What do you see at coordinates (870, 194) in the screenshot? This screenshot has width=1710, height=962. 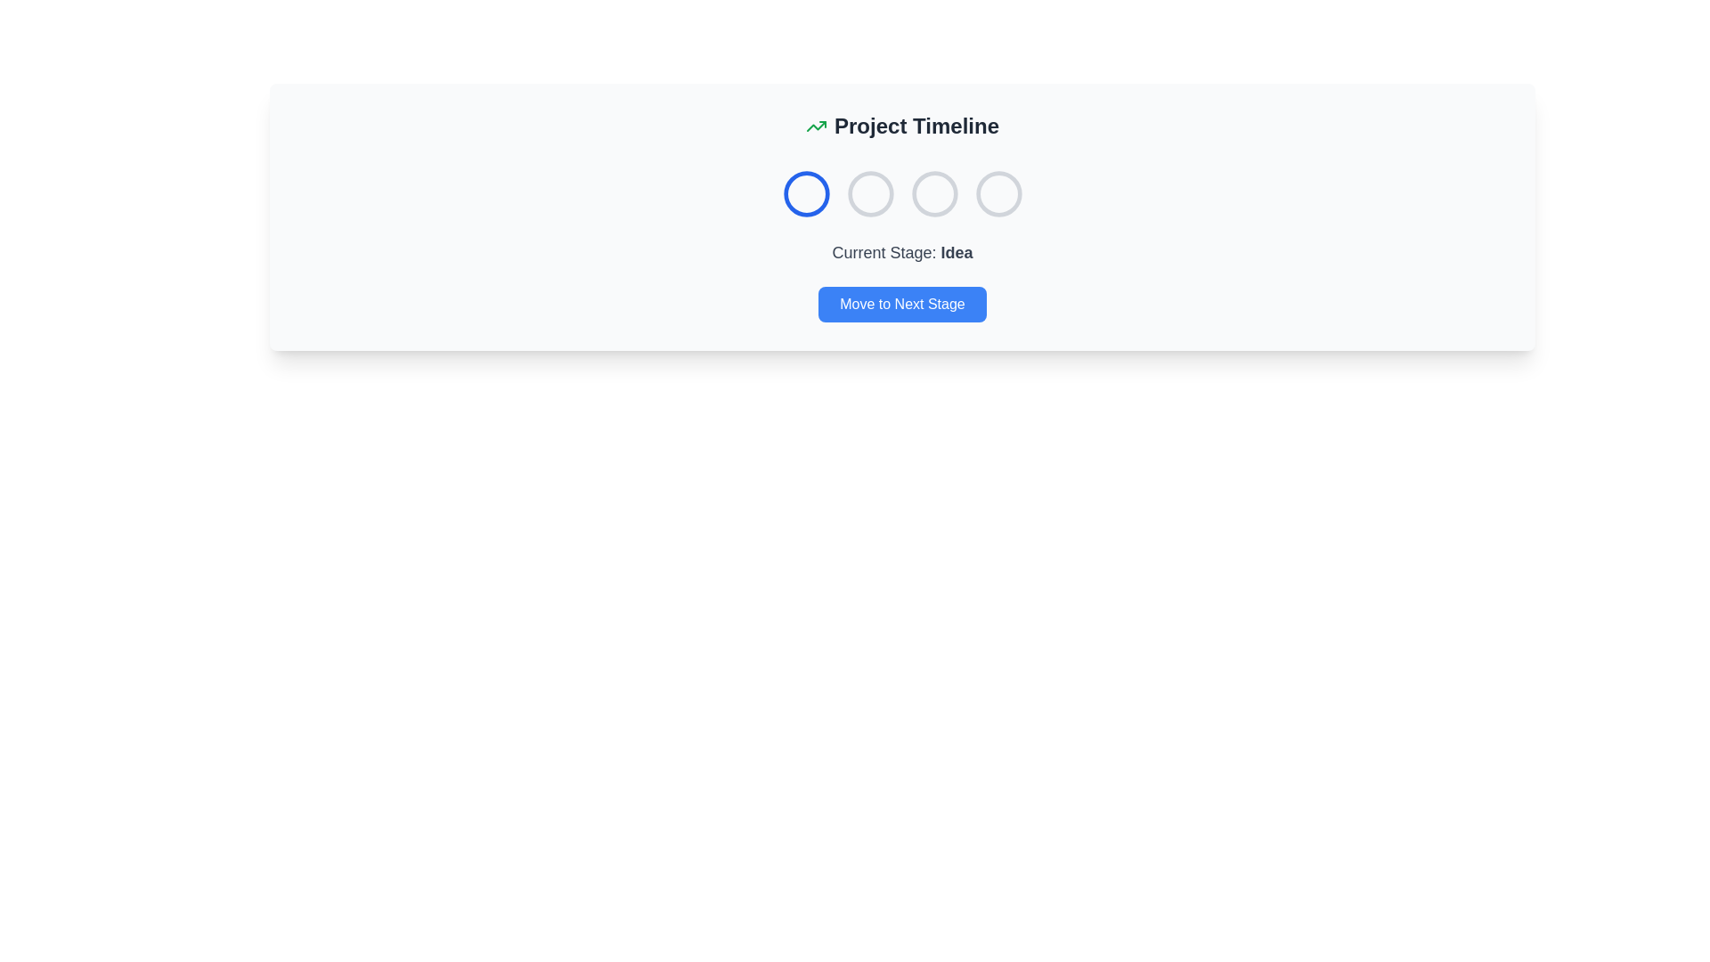 I see `the status or description of the second circular icon in the 'Project Timeline' section, which has a gray border and a white-filled interior` at bounding box center [870, 194].